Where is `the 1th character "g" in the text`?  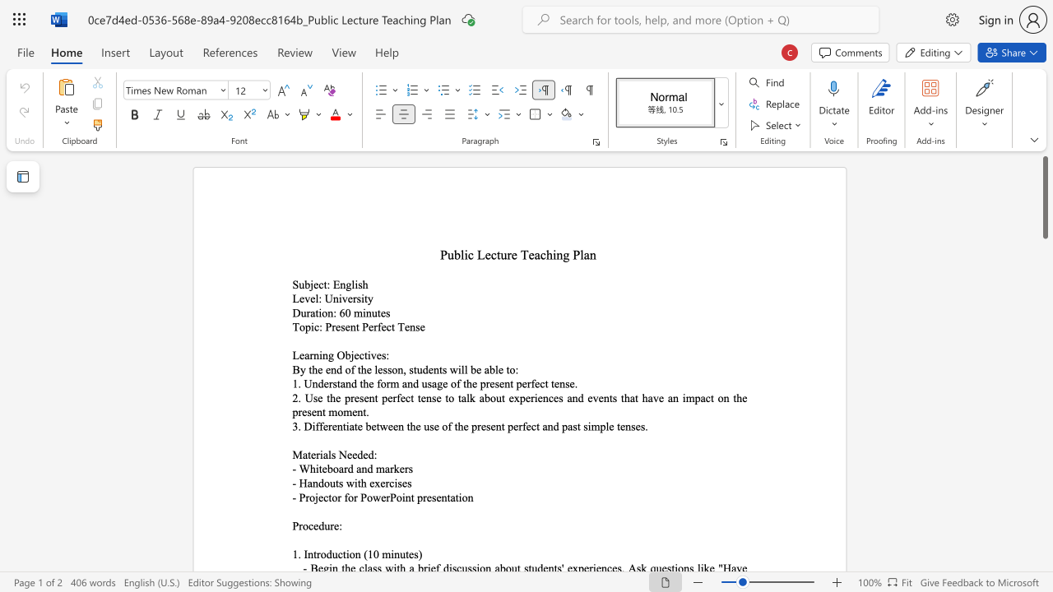
the 1th character "g" in the text is located at coordinates (347, 284).